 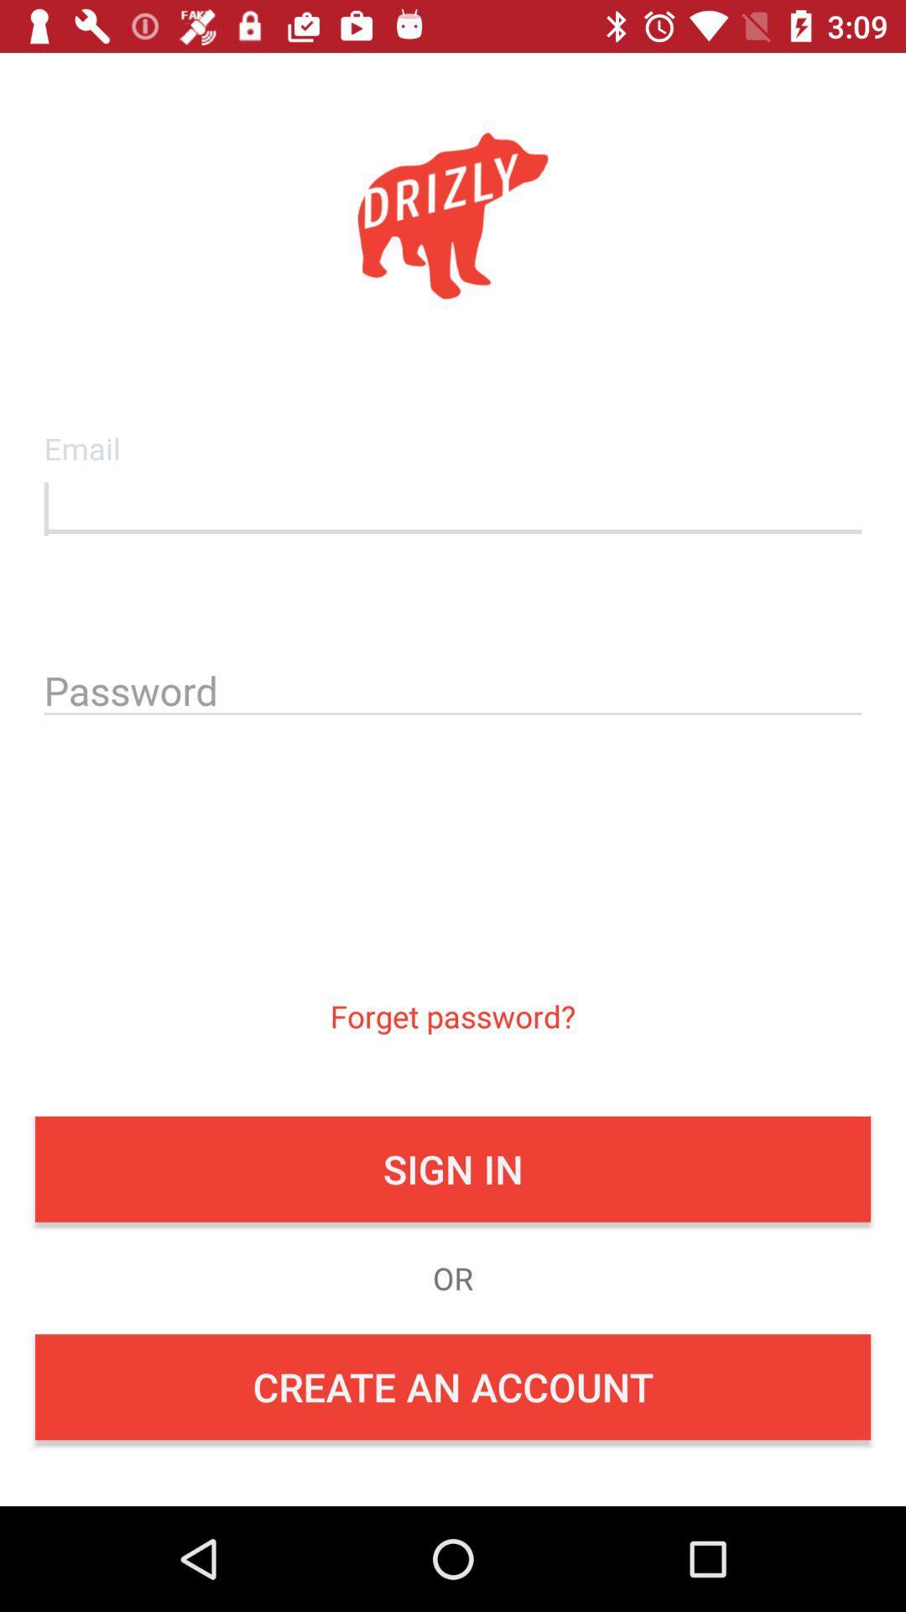 I want to click on a place to enter your password, so click(x=453, y=688).